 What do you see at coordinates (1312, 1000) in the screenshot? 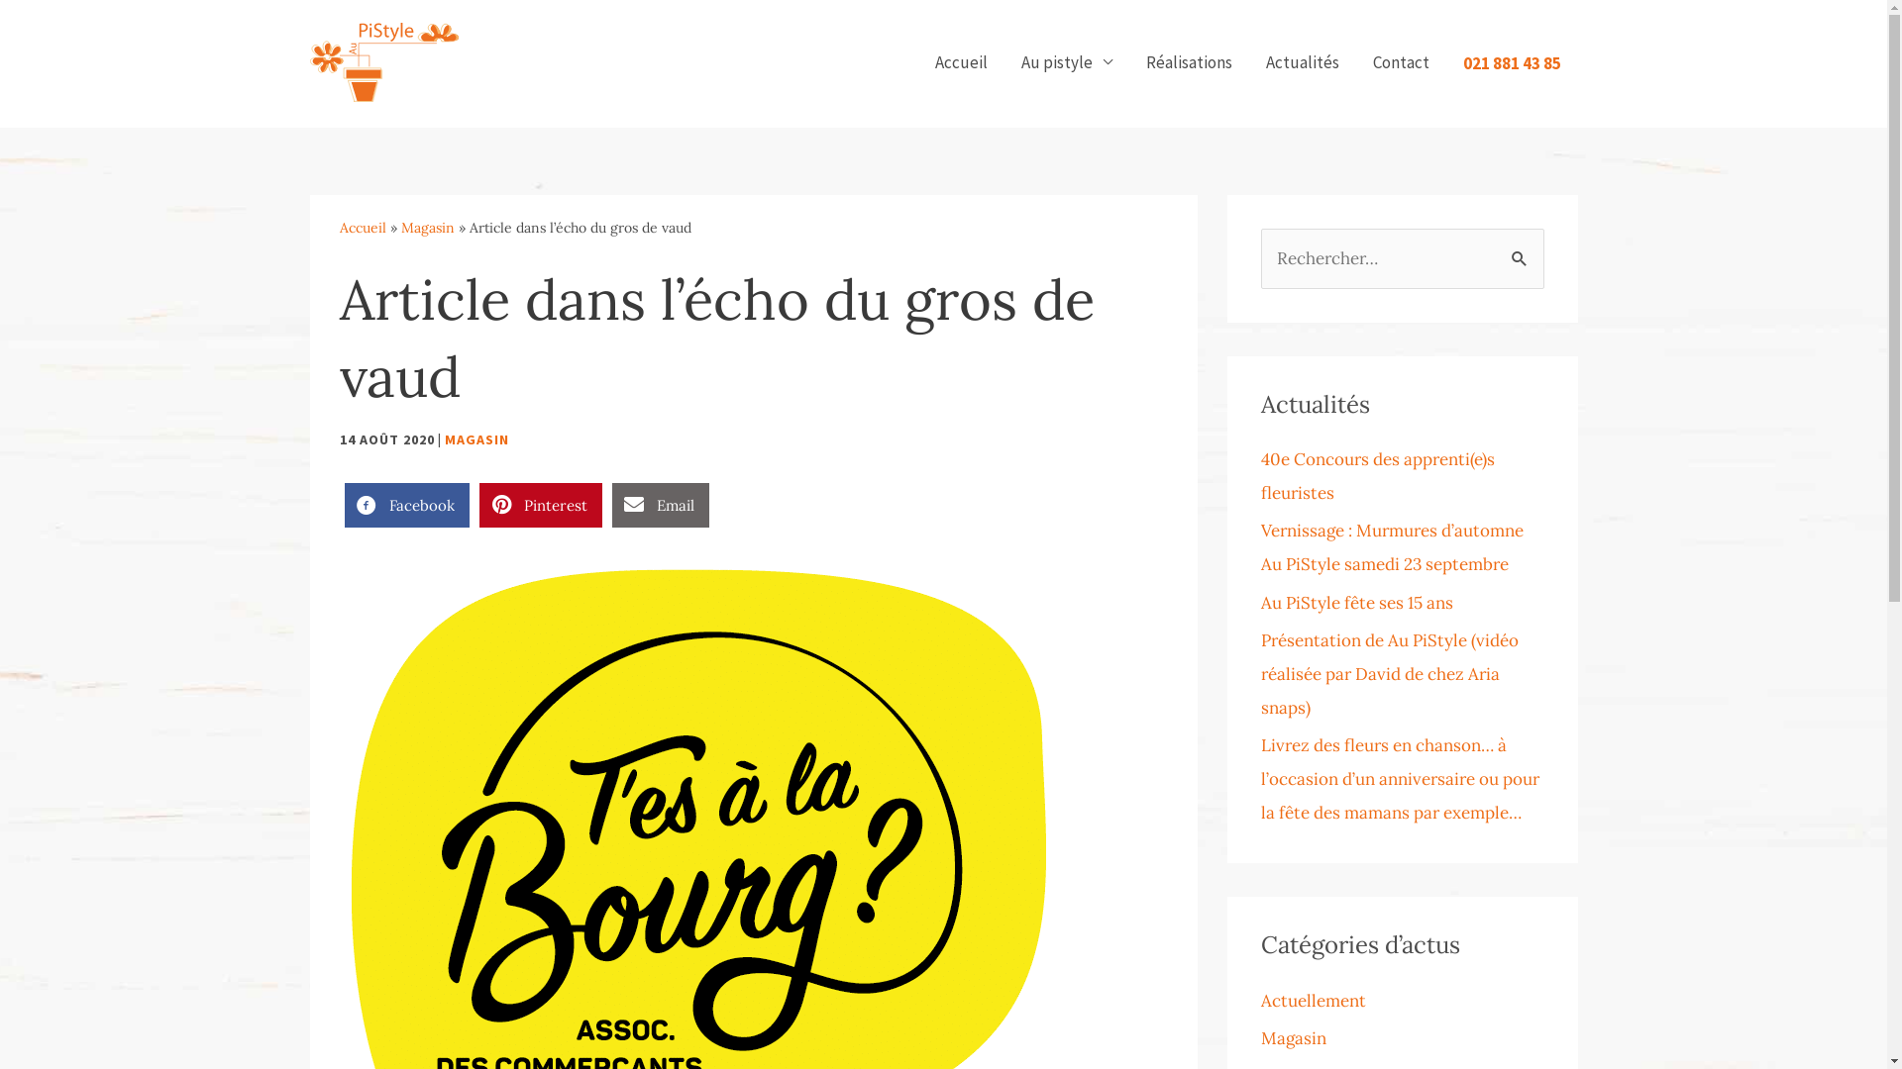
I see `'Actuellement'` at bounding box center [1312, 1000].